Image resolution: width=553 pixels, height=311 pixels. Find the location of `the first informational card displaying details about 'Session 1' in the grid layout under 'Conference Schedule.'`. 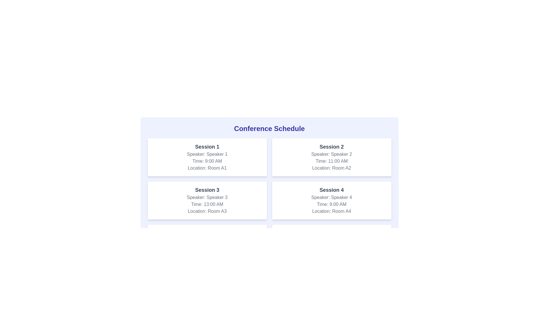

the first informational card displaying details about 'Session 1' in the grid layout under 'Conference Schedule.' is located at coordinates (207, 157).